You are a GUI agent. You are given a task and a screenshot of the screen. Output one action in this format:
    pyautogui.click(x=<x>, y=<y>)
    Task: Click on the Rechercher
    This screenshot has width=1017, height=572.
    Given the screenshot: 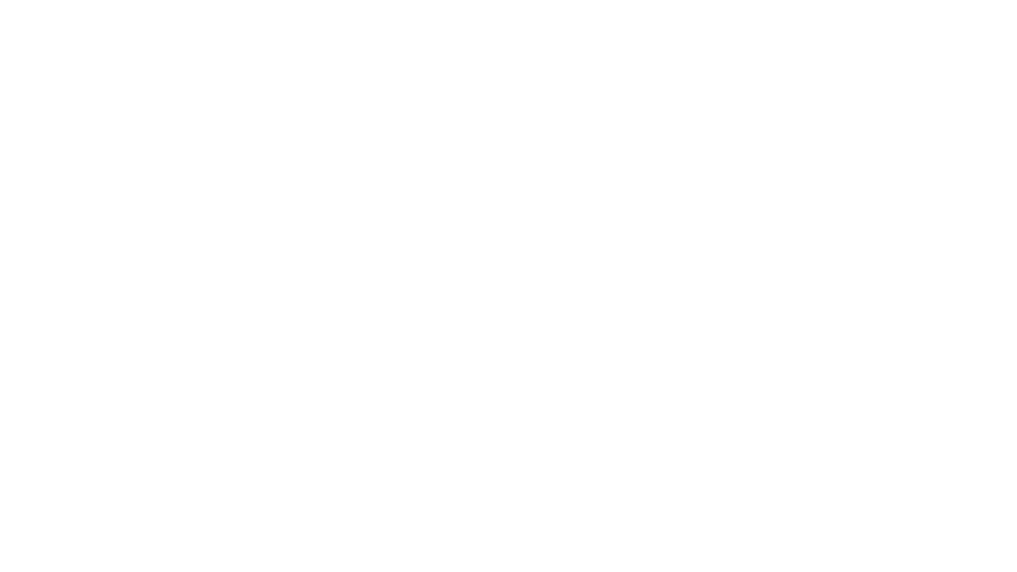 What is the action you would take?
    pyautogui.click(x=841, y=56)
    